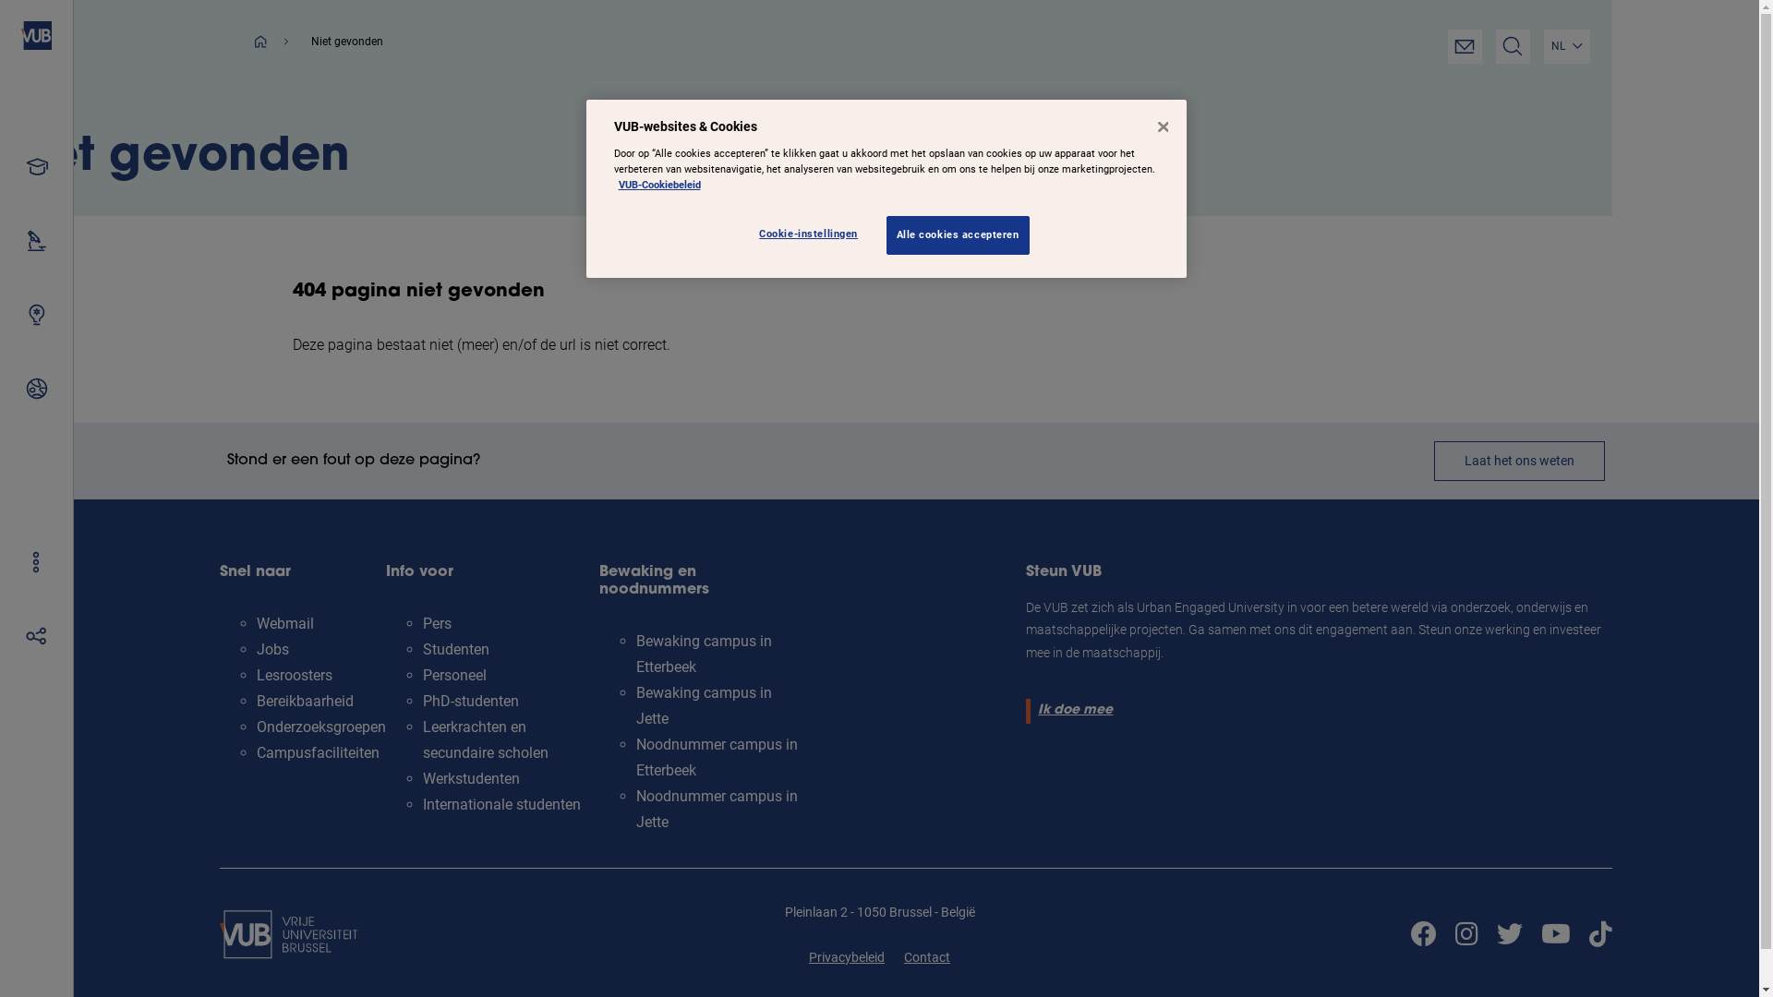  What do you see at coordinates (0, 0) in the screenshot?
I see `'Overslaan en naar de inhoud gaan'` at bounding box center [0, 0].